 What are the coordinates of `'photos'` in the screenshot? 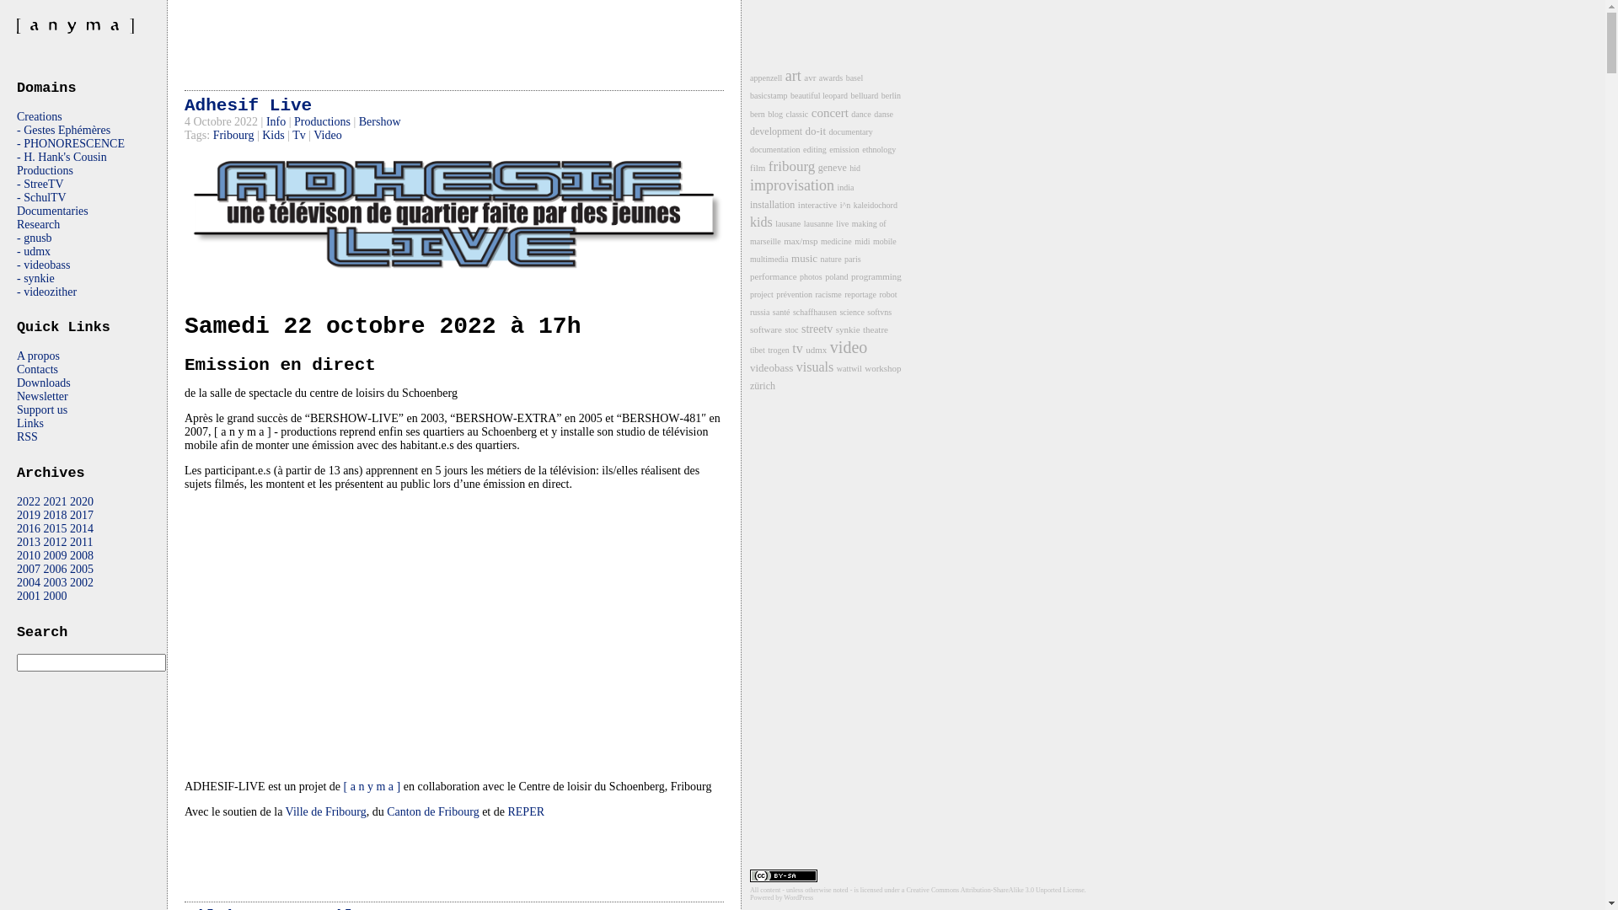 It's located at (811, 276).